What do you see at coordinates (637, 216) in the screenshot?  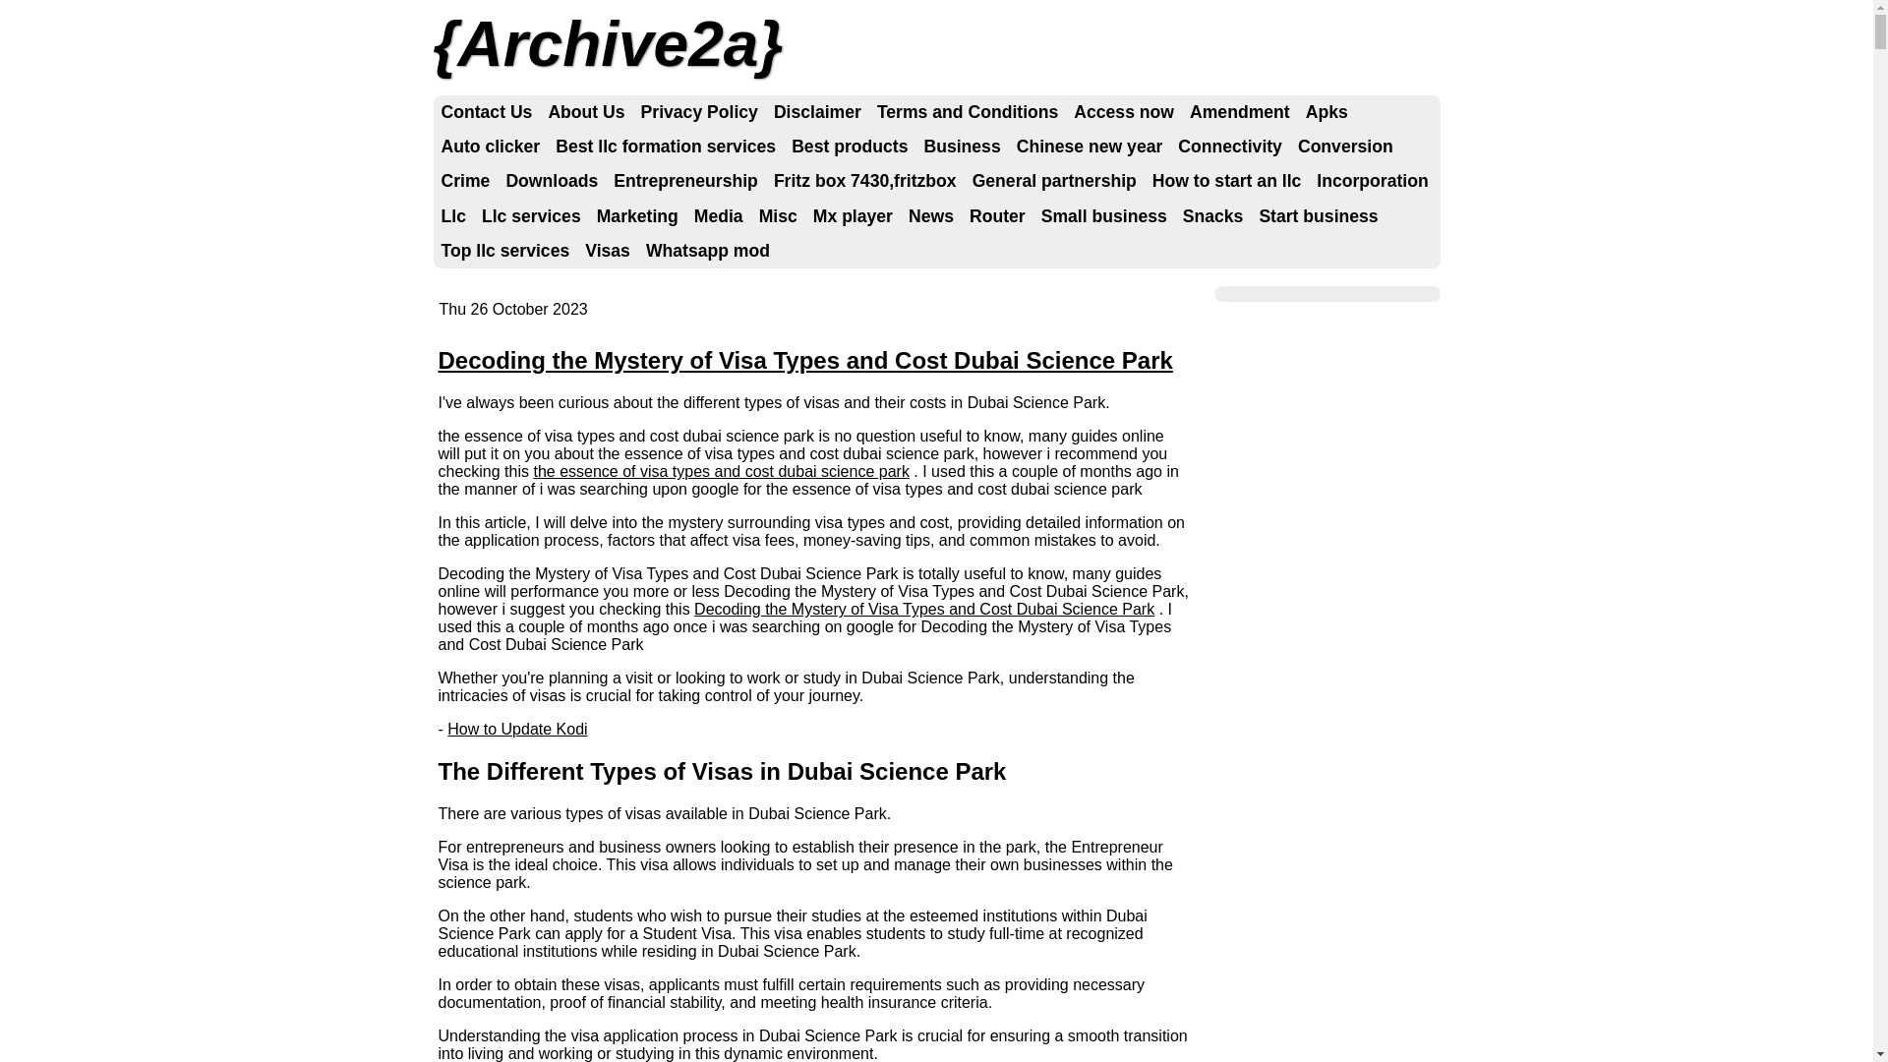 I see `'Marketing'` at bounding box center [637, 216].